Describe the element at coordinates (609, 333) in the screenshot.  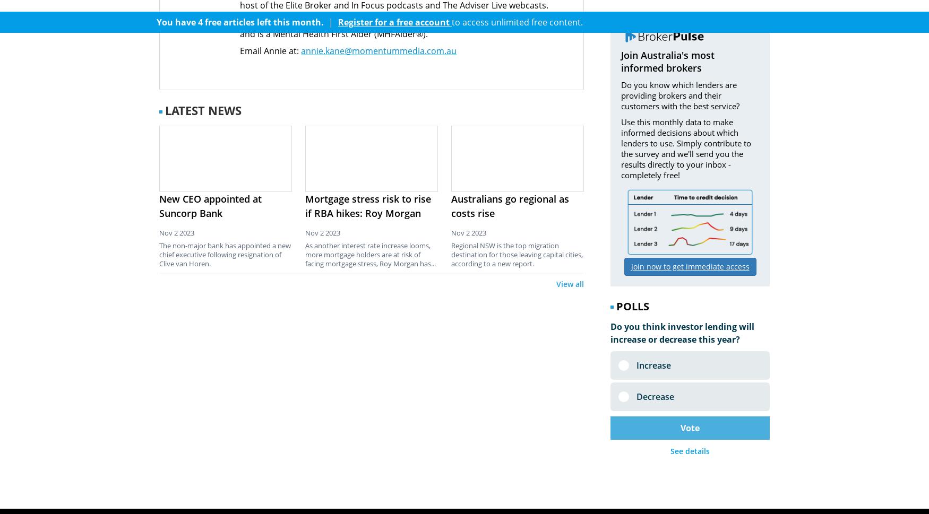
I see `'Do you think investor lending will increase or decrease this year?'` at that location.